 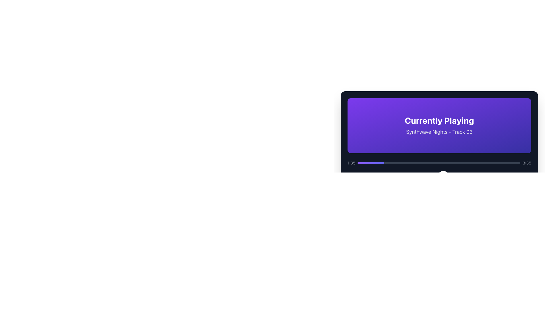 What do you see at coordinates (376, 163) in the screenshot?
I see `the playback position` at bounding box center [376, 163].